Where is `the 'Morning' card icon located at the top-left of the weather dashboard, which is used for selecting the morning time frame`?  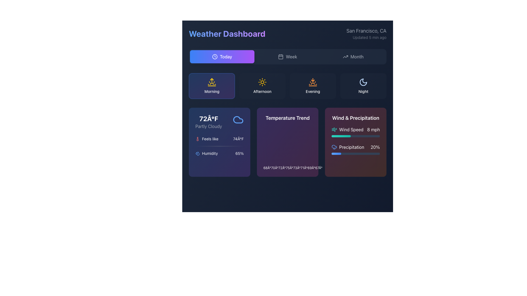
the 'Morning' card icon located at the top-left of the weather dashboard, which is used for selecting the morning time frame is located at coordinates (212, 82).